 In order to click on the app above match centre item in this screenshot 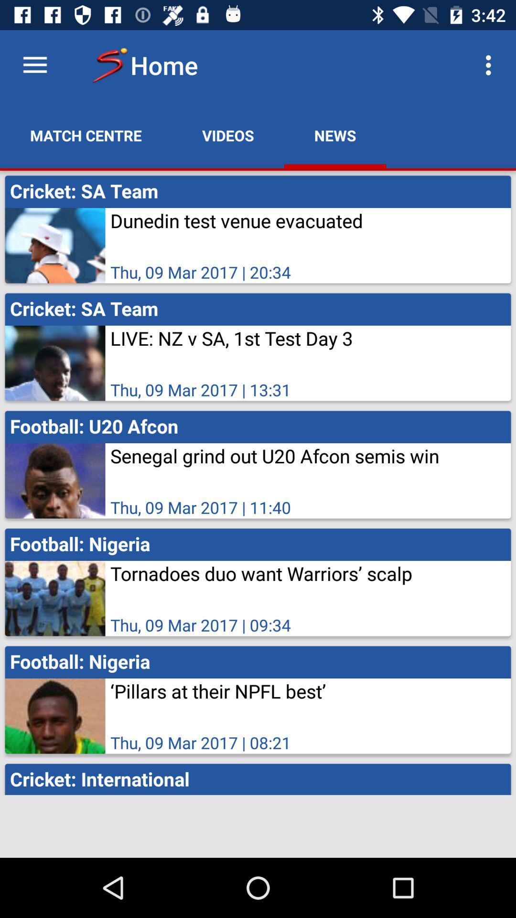, I will do `click(34, 65)`.